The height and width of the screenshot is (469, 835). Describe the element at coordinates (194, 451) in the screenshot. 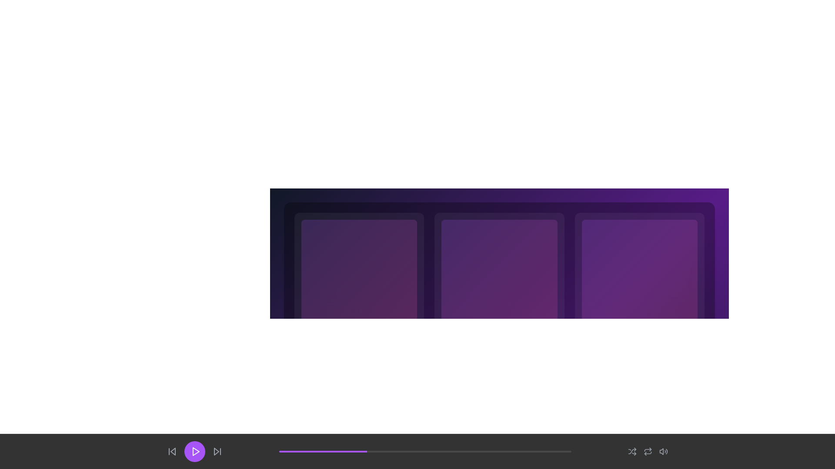

I see `the circular button with a purple background and a white play icon centered within it to play media` at that location.